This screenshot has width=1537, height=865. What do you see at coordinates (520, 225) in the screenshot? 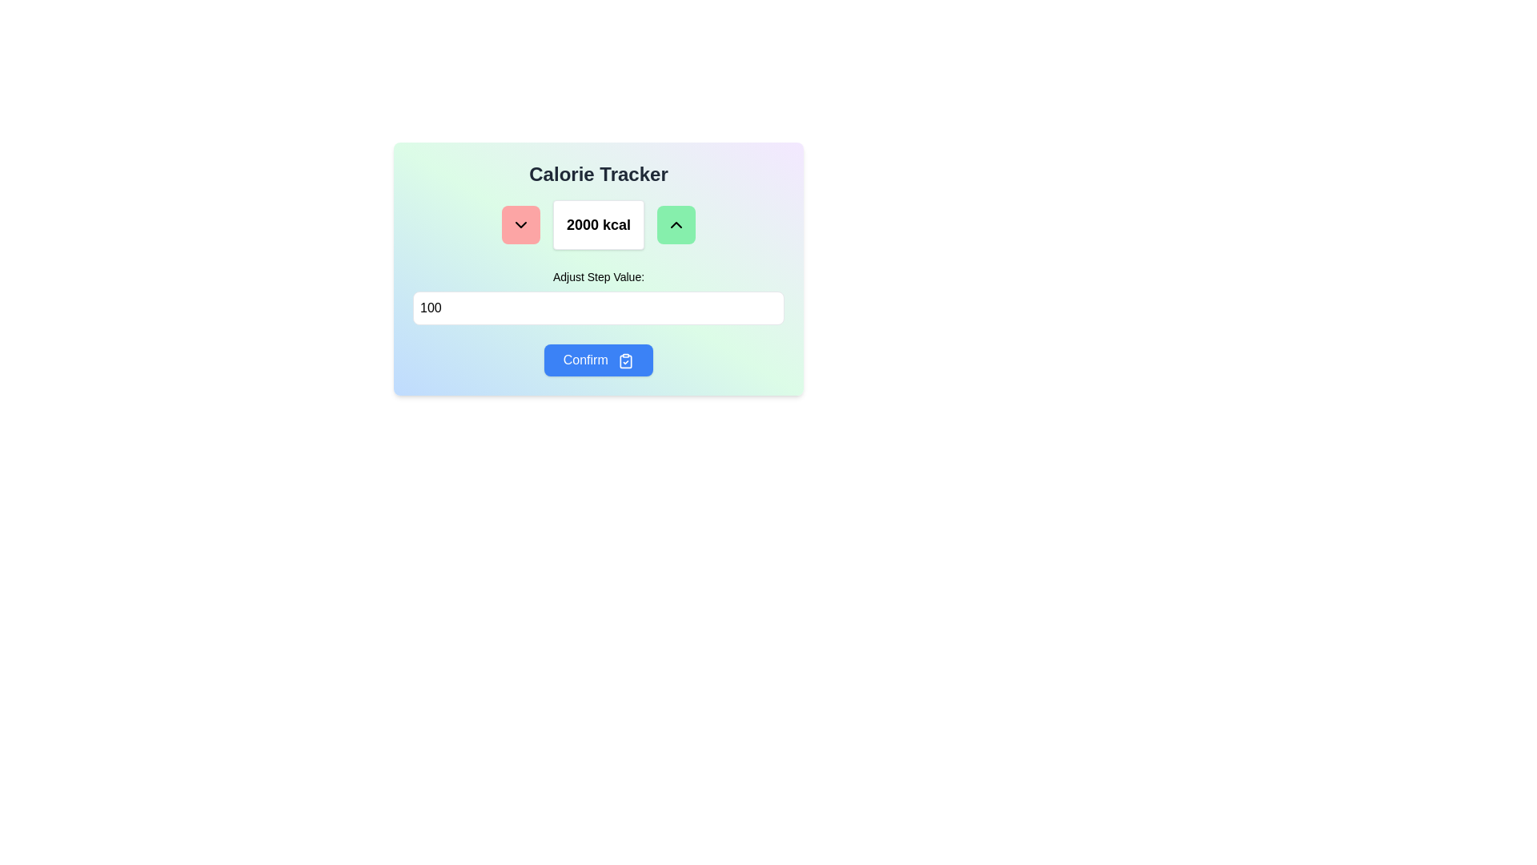
I see `the downward-facing chevron icon inside the red rounded button to decrement the value in the calorie tracker interface` at bounding box center [520, 225].